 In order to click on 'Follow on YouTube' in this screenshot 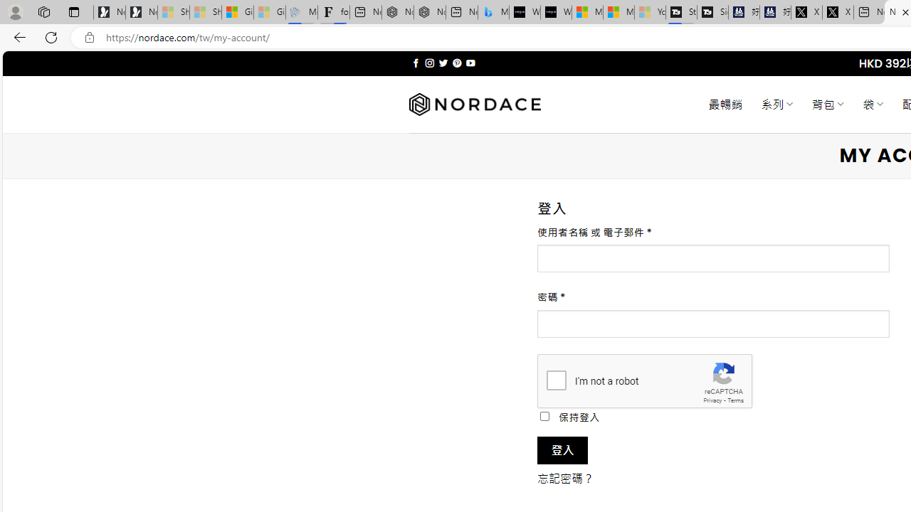, I will do `click(470, 63)`.